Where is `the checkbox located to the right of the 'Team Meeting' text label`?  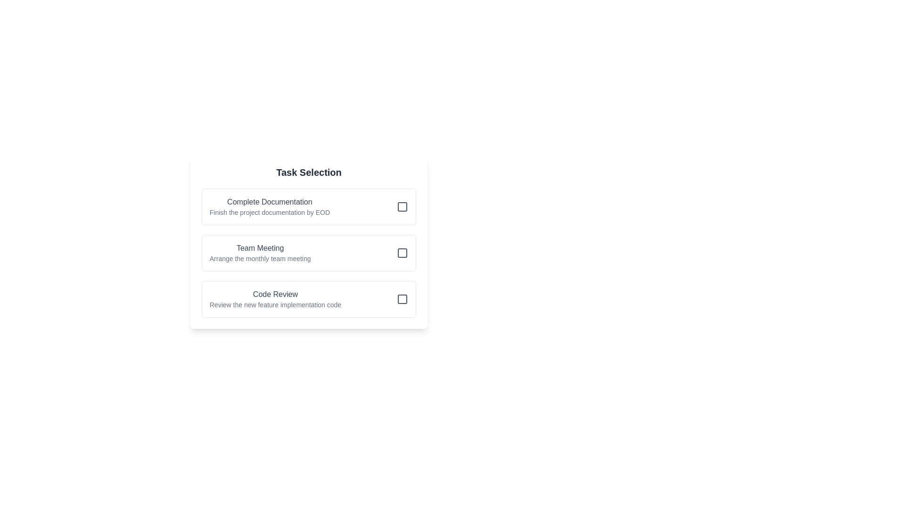 the checkbox located to the right of the 'Team Meeting' text label is located at coordinates (403, 252).